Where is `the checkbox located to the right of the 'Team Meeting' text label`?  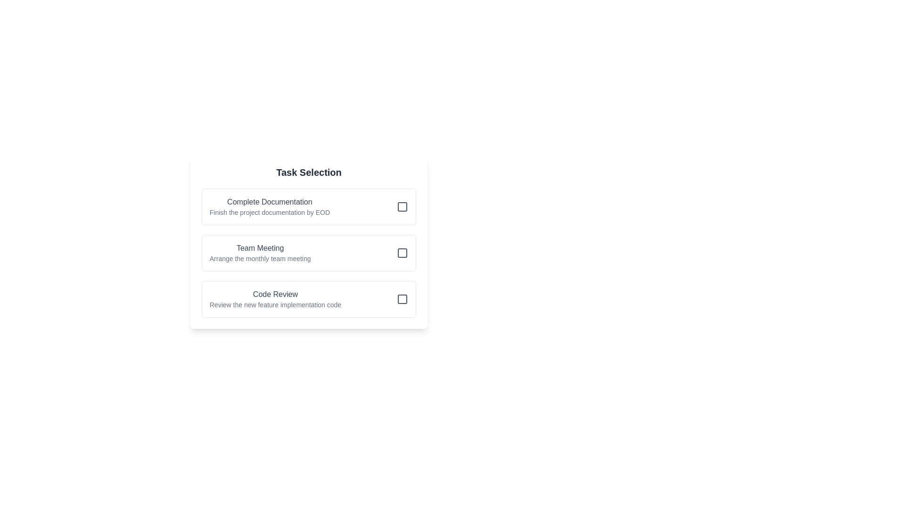 the checkbox located to the right of the 'Team Meeting' text label is located at coordinates (403, 252).